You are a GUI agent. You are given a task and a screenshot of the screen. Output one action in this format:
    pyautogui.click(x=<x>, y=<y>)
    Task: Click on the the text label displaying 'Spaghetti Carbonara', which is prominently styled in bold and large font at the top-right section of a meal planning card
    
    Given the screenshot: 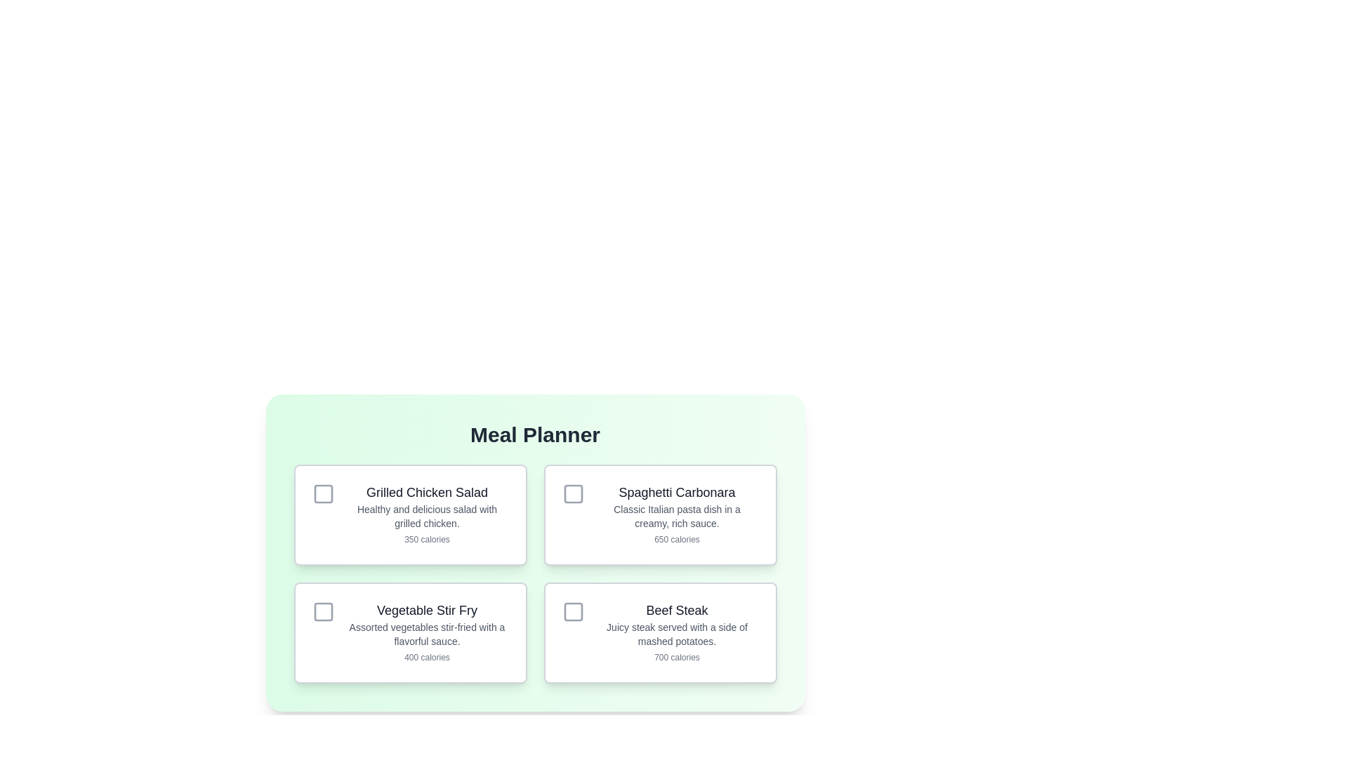 What is the action you would take?
    pyautogui.click(x=677, y=492)
    